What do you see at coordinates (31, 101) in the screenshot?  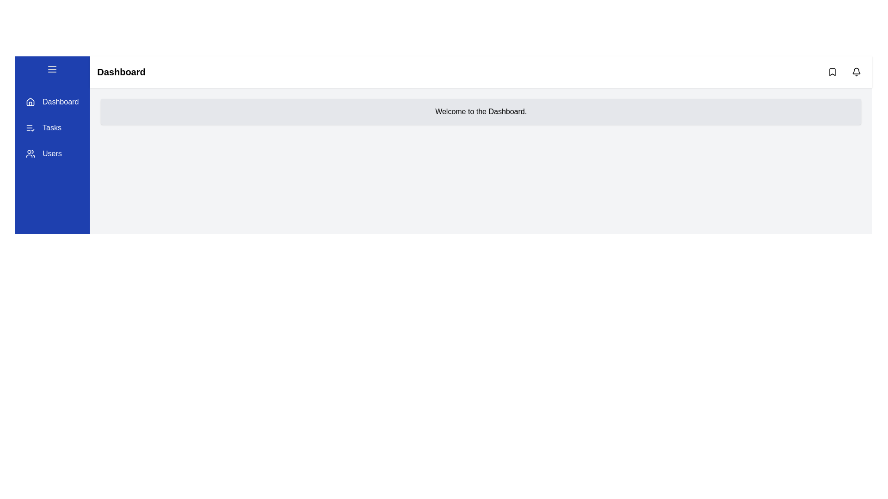 I see `the house icon in the vertical navigation bar on the left side of the interface` at bounding box center [31, 101].